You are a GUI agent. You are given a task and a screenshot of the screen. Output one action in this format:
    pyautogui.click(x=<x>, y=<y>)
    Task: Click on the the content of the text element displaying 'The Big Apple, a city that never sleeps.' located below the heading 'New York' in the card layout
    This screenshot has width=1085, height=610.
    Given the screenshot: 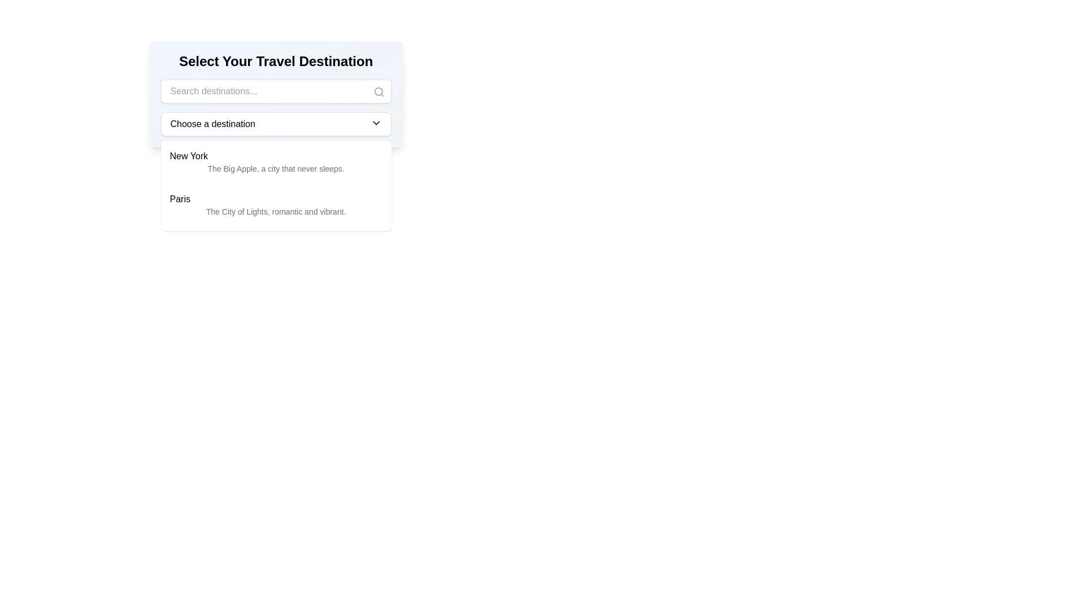 What is the action you would take?
    pyautogui.click(x=276, y=169)
    